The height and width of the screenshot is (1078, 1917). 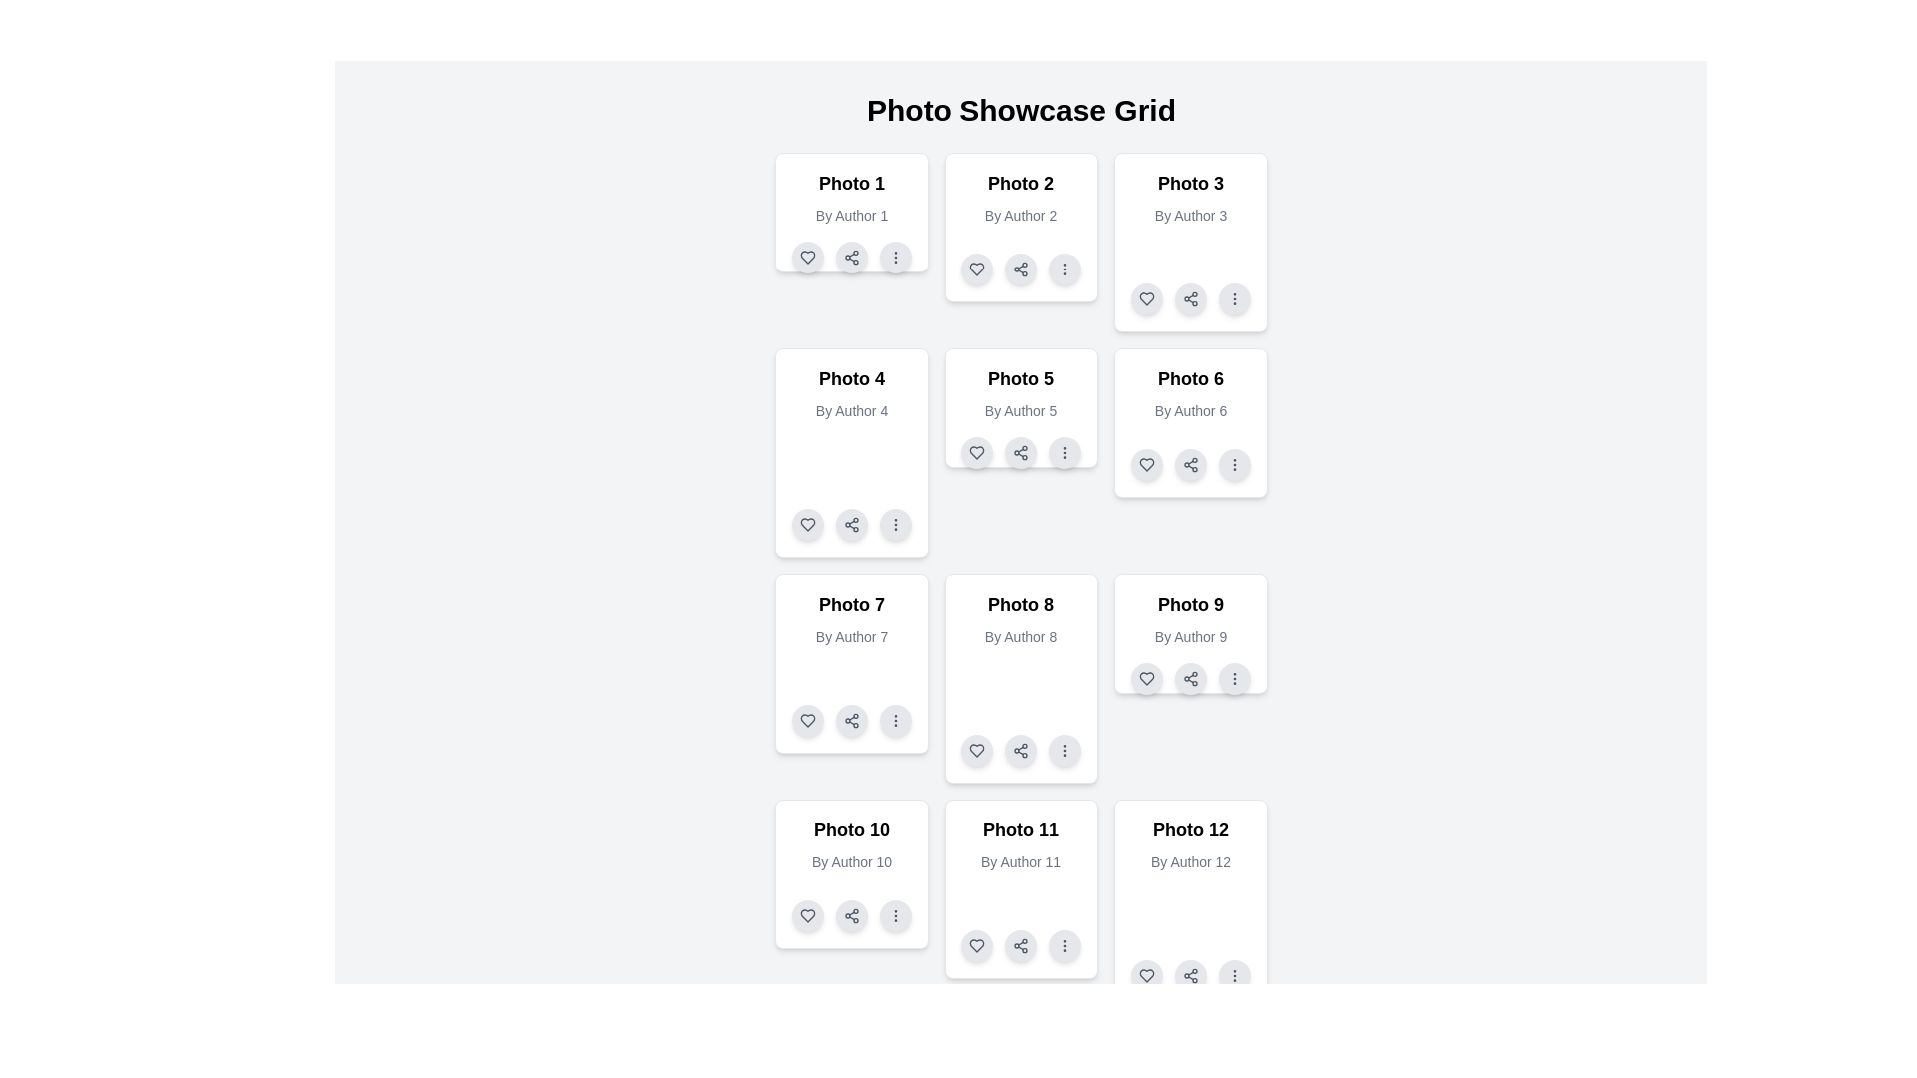 What do you see at coordinates (977, 751) in the screenshot?
I see `the circular 'like' button with a light gray background and a heart icon, located` at bounding box center [977, 751].